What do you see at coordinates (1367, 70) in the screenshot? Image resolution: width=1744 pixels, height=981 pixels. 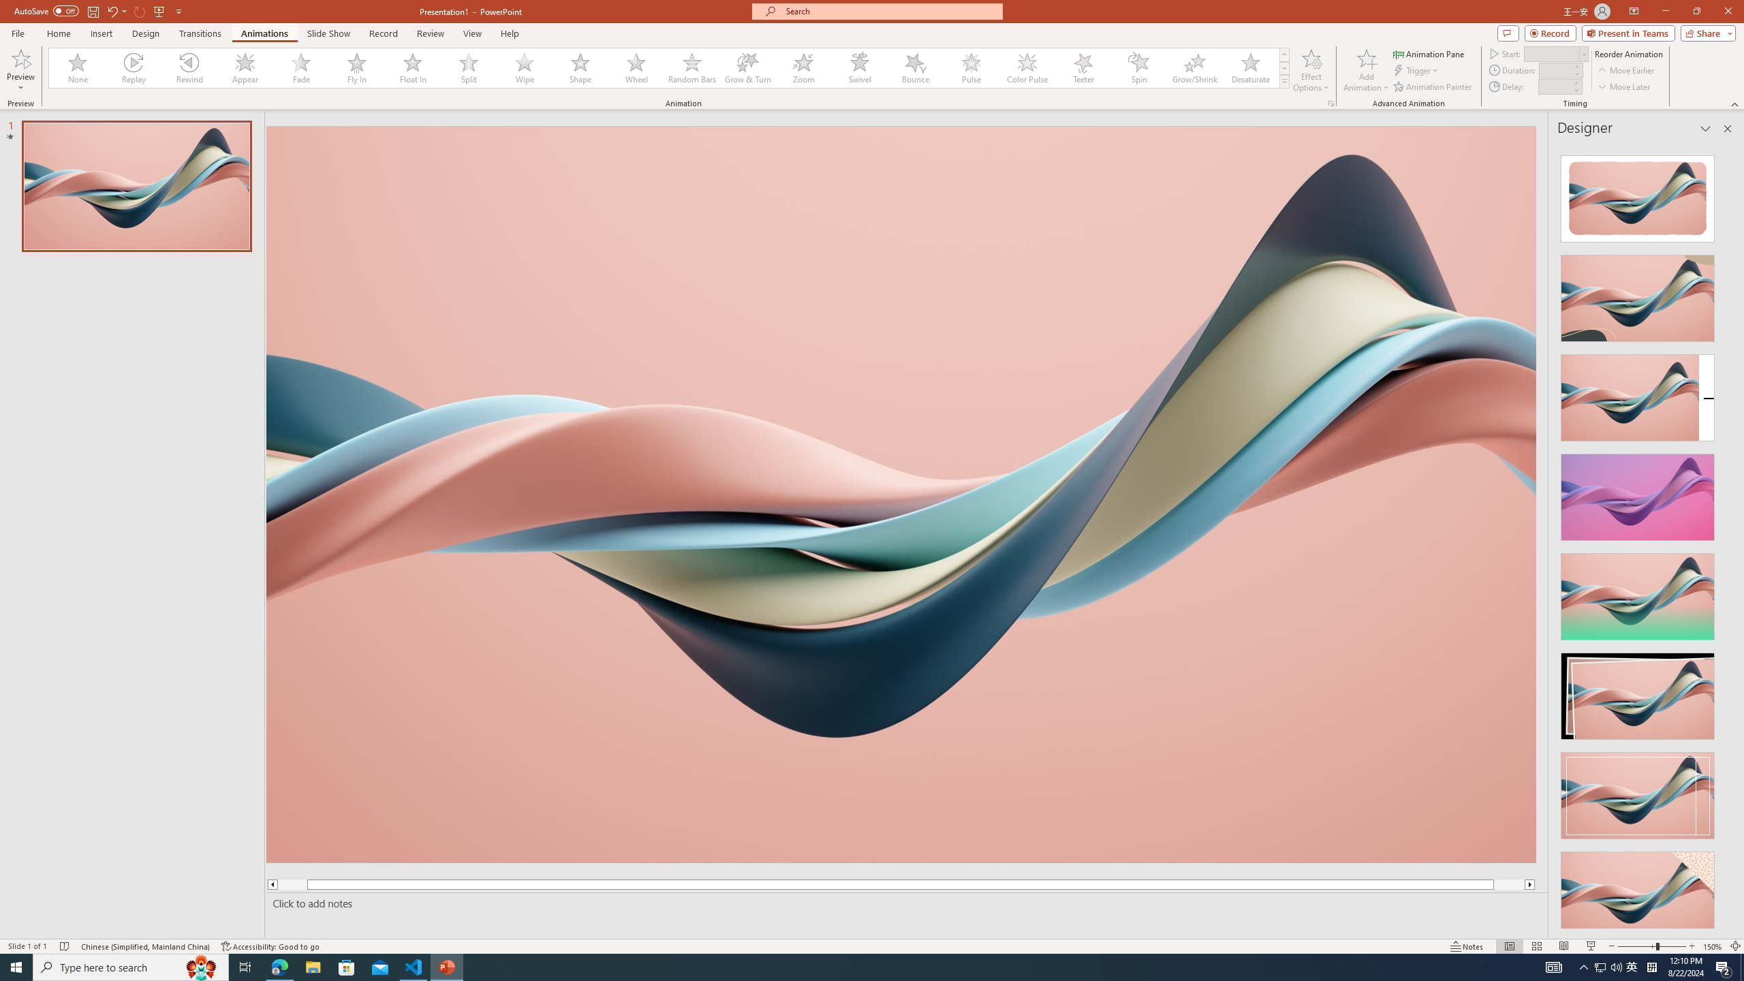 I see `'Add Animation'` at bounding box center [1367, 70].